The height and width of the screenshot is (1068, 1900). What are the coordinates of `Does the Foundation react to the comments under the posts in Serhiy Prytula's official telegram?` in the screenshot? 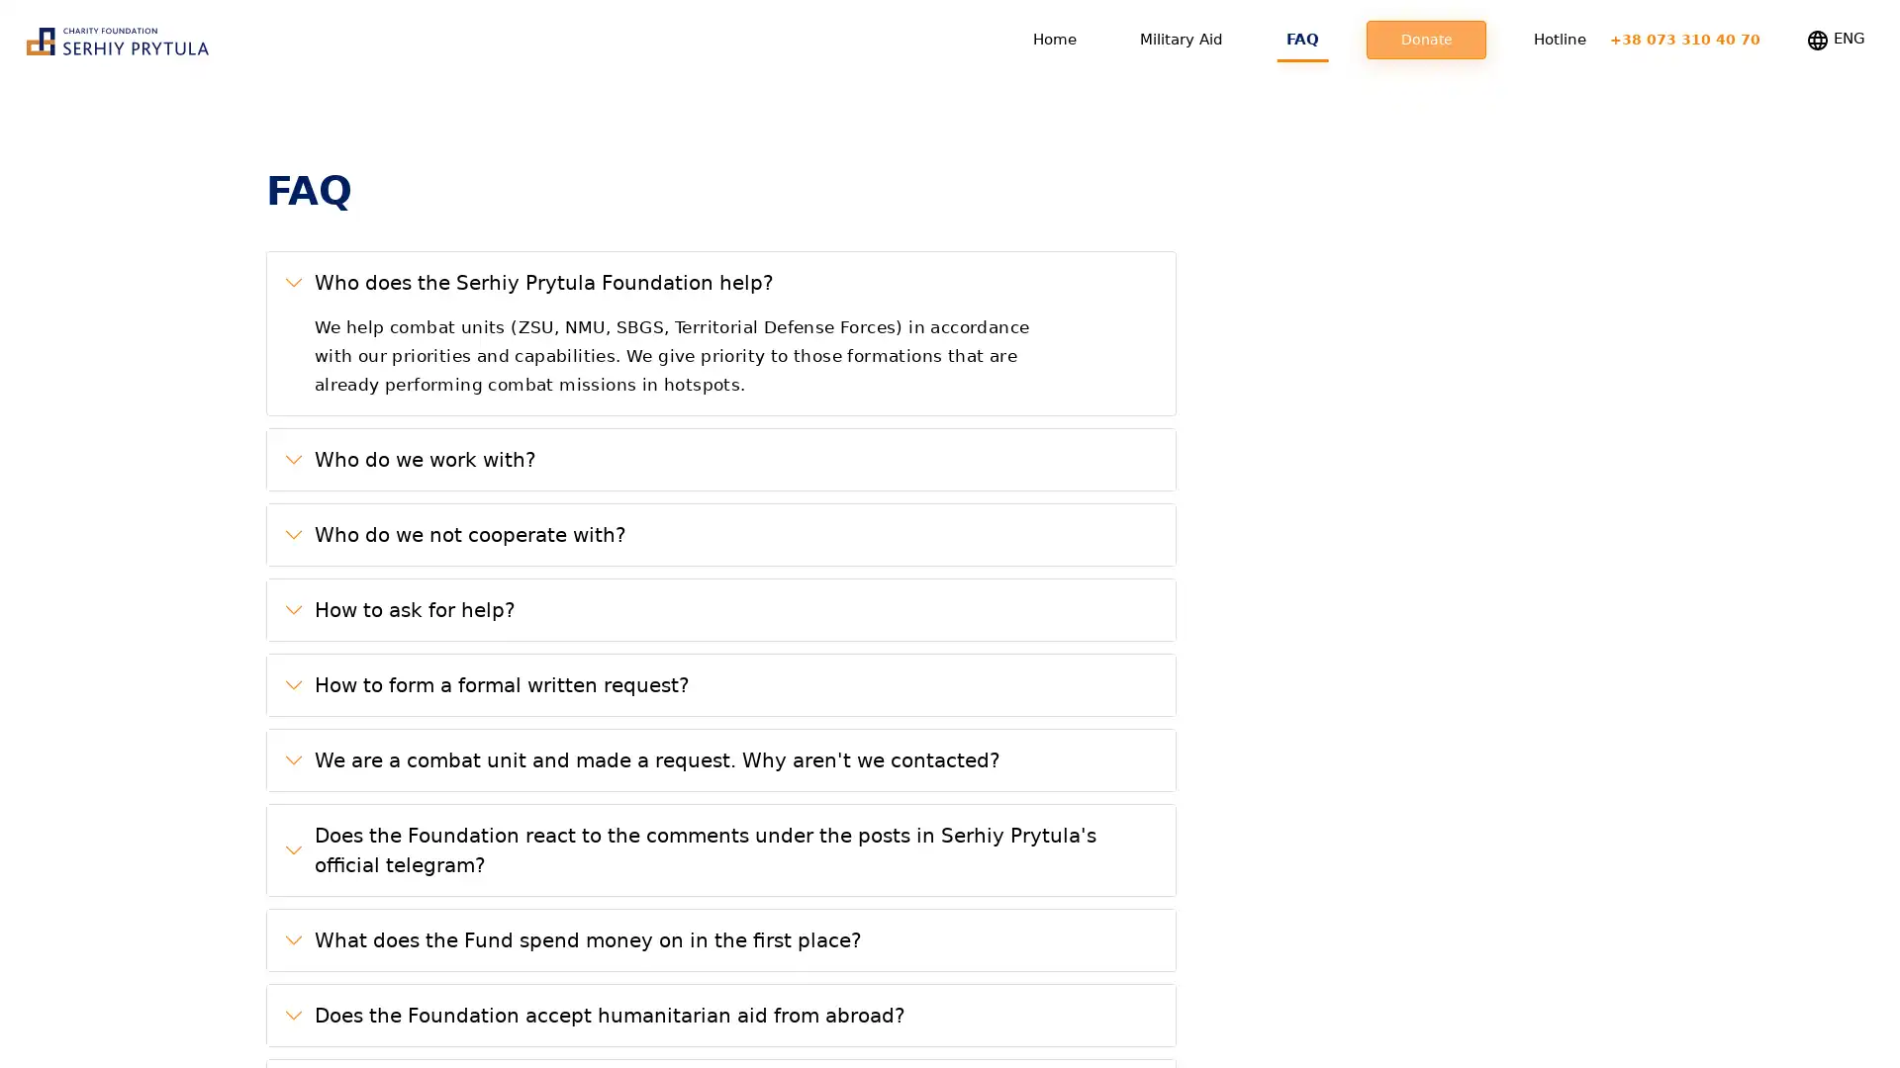 It's located at (719, 849).